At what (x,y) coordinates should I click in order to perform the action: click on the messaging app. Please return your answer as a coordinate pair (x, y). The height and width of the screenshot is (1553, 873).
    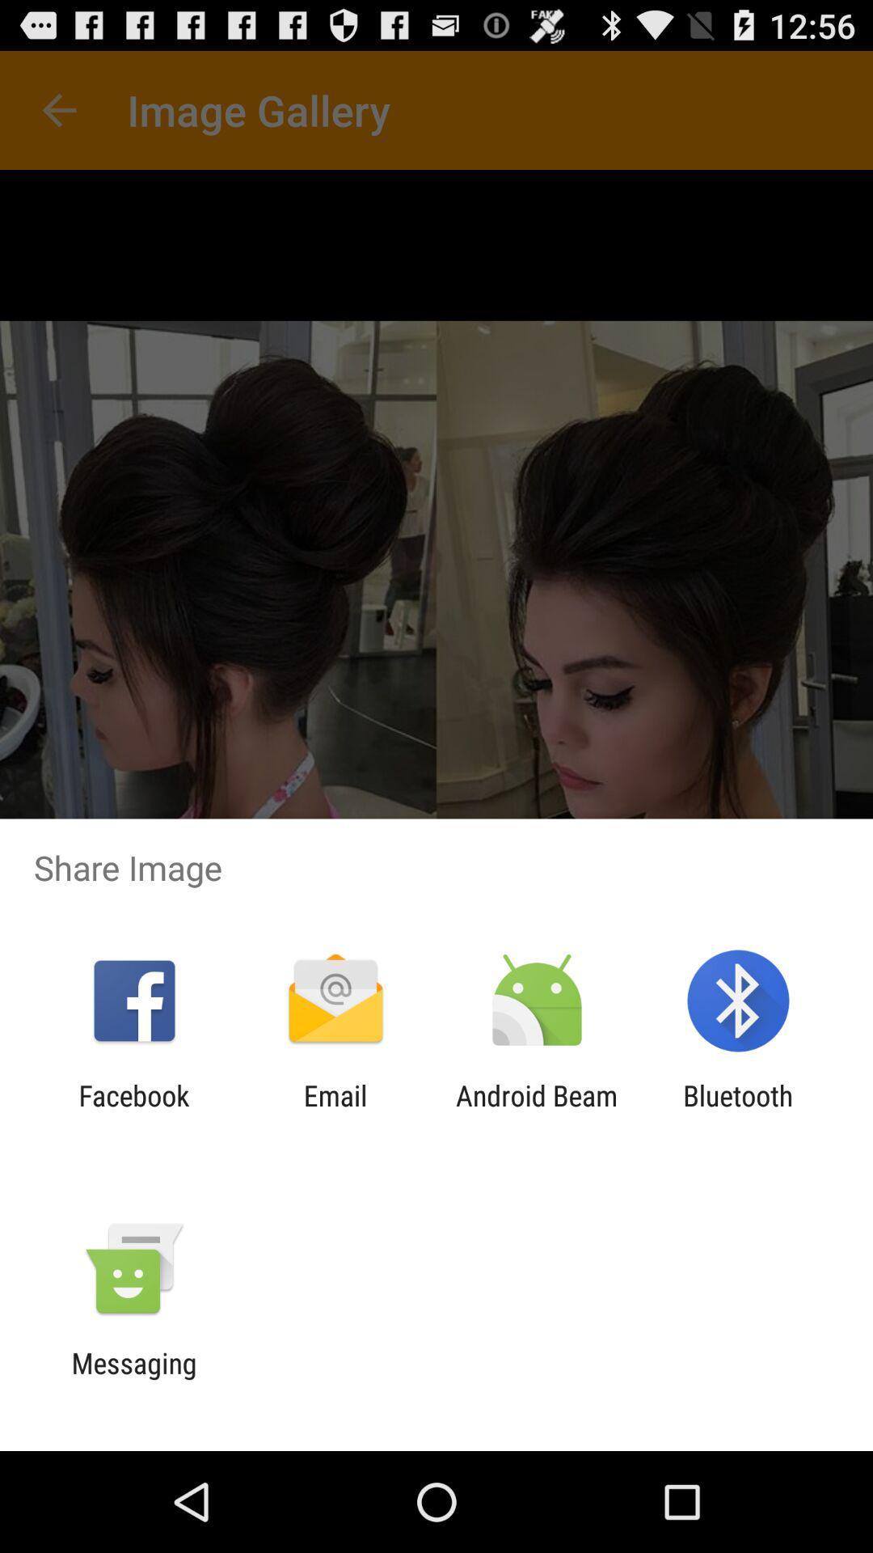
    Looking at the image, I should click on (133, 1379).